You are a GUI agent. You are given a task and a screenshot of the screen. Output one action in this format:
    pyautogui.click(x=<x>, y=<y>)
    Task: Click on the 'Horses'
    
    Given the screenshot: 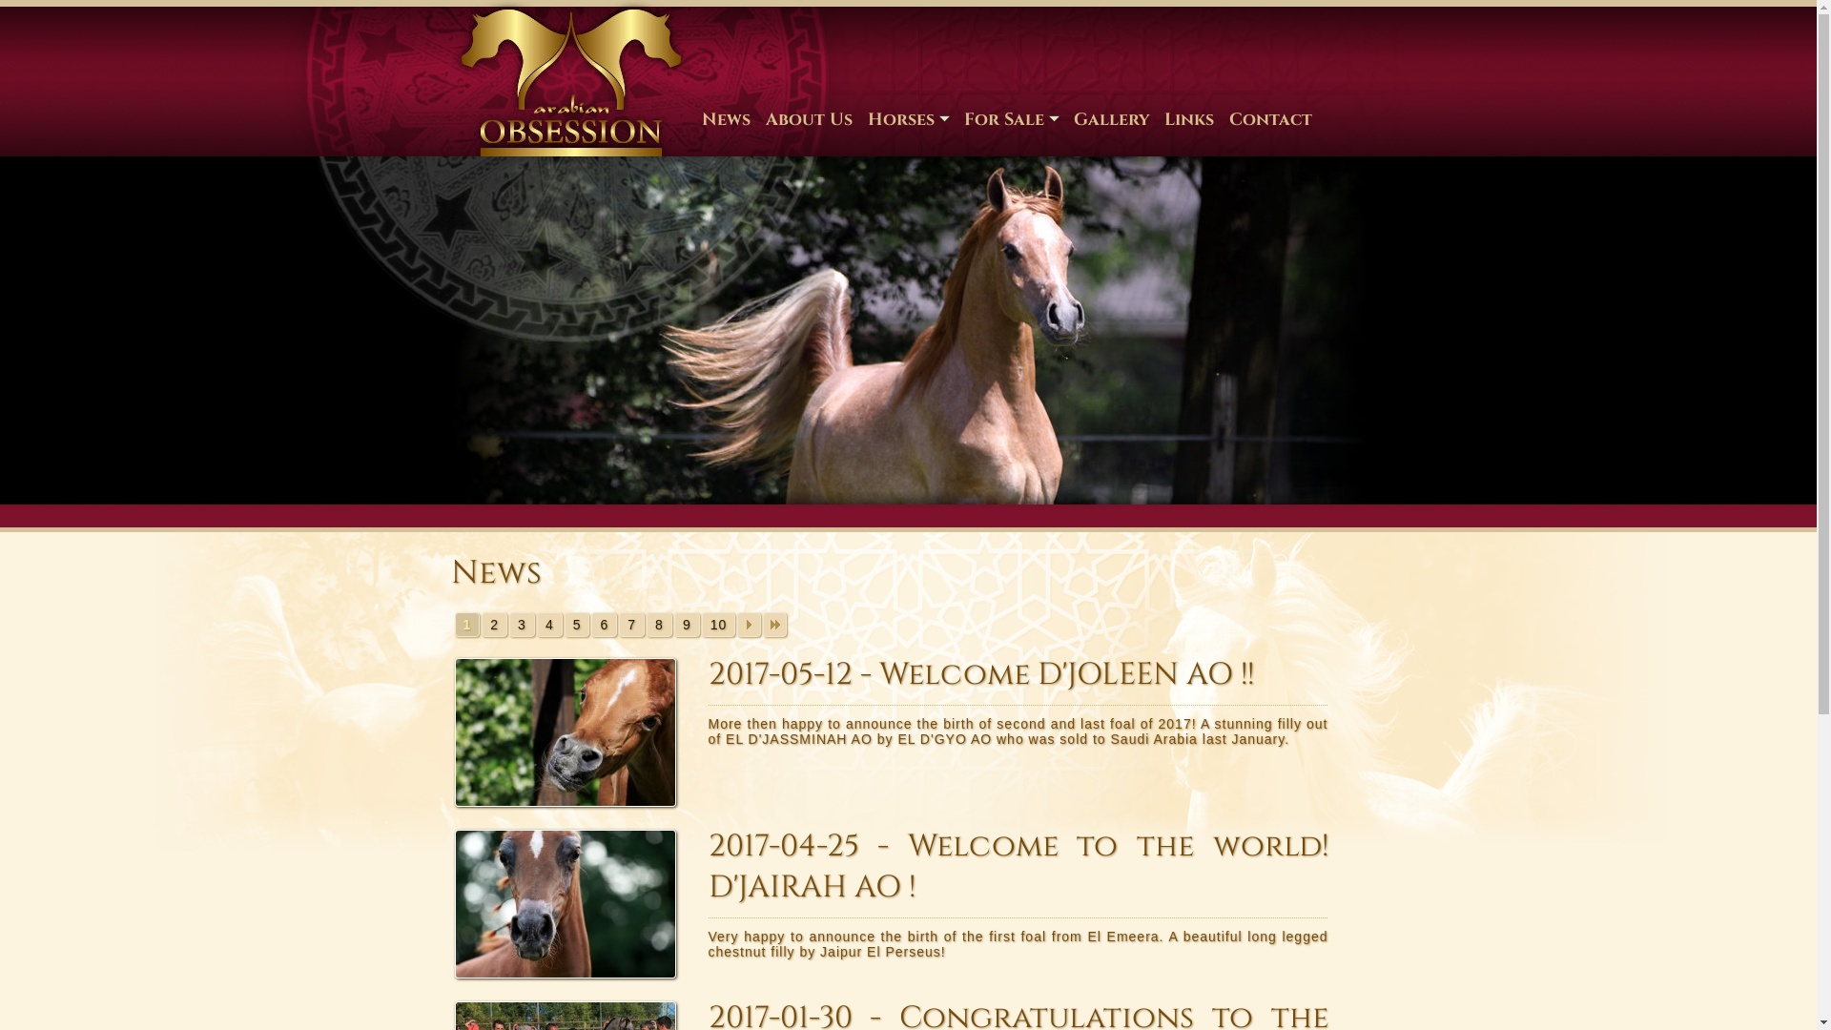 What is the action you would take?
    pyautogui.click(x=907, y=118)
    